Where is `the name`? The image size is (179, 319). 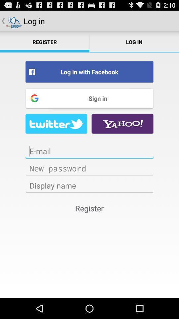 the name is located at coordinates (89, 185).